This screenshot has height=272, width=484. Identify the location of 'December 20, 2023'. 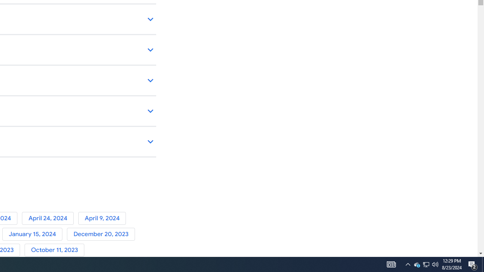
(102, 234).